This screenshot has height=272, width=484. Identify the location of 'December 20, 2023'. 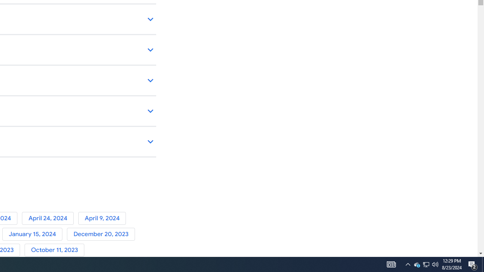
(102, 234).